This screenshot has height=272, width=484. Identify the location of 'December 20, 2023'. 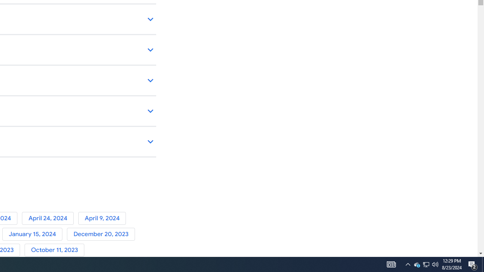
(102, 234).